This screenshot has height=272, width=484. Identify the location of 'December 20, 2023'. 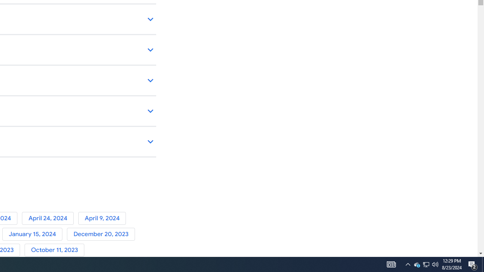
(102, 234).